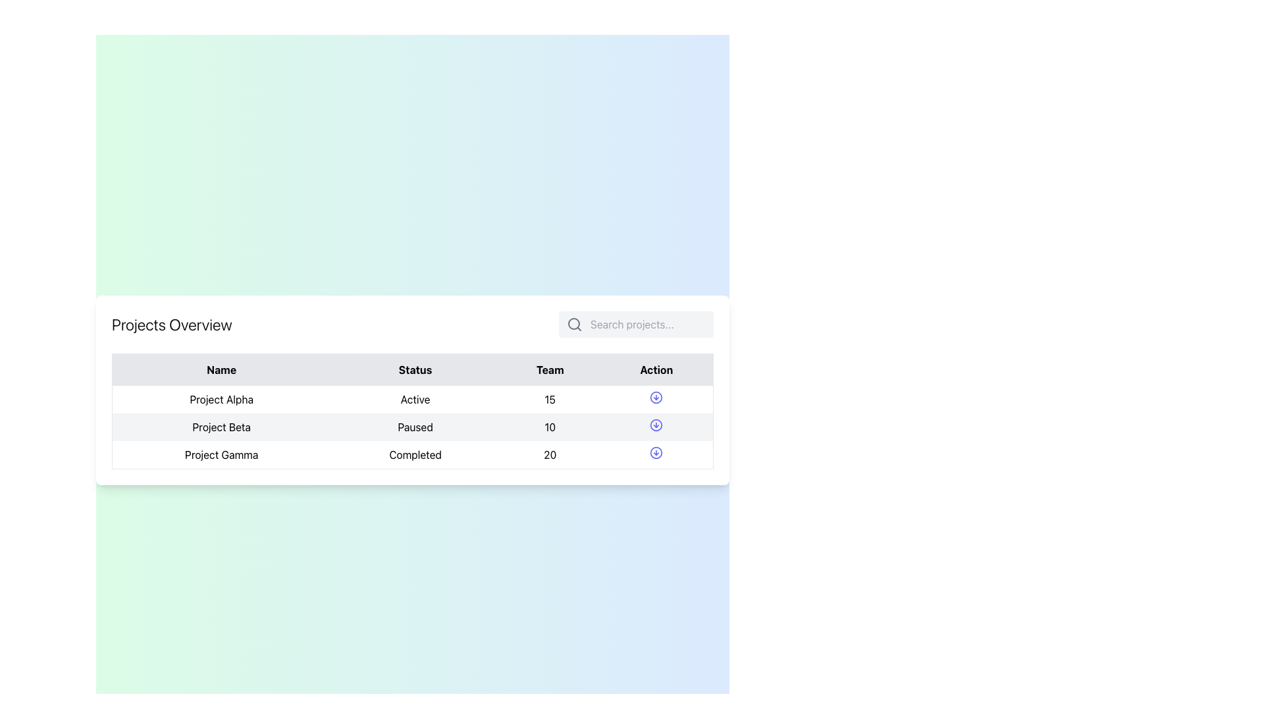 The image size is (1264, 711). Describe the element at coordinates (221, 454) in the screenshot. I see `the text label displaying 'Project Gamma' in the first column of the table row` at that location.